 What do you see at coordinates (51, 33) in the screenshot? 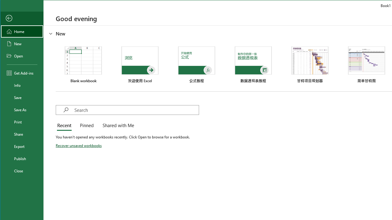
I see `'Hide or show region'` at bounding box center [51, 33].